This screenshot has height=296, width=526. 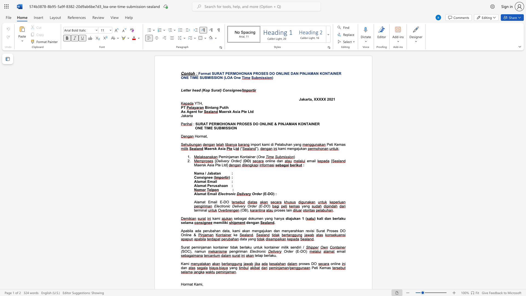 I want to click on the subset text "am" within the text "SOC), namun", so click(x=197, y=251).